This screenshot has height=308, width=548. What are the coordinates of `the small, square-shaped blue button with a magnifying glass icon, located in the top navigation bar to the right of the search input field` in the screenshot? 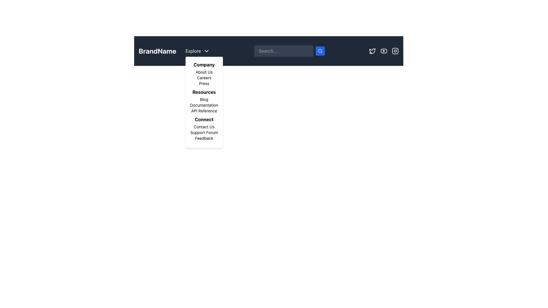 It's located at (320, 50).